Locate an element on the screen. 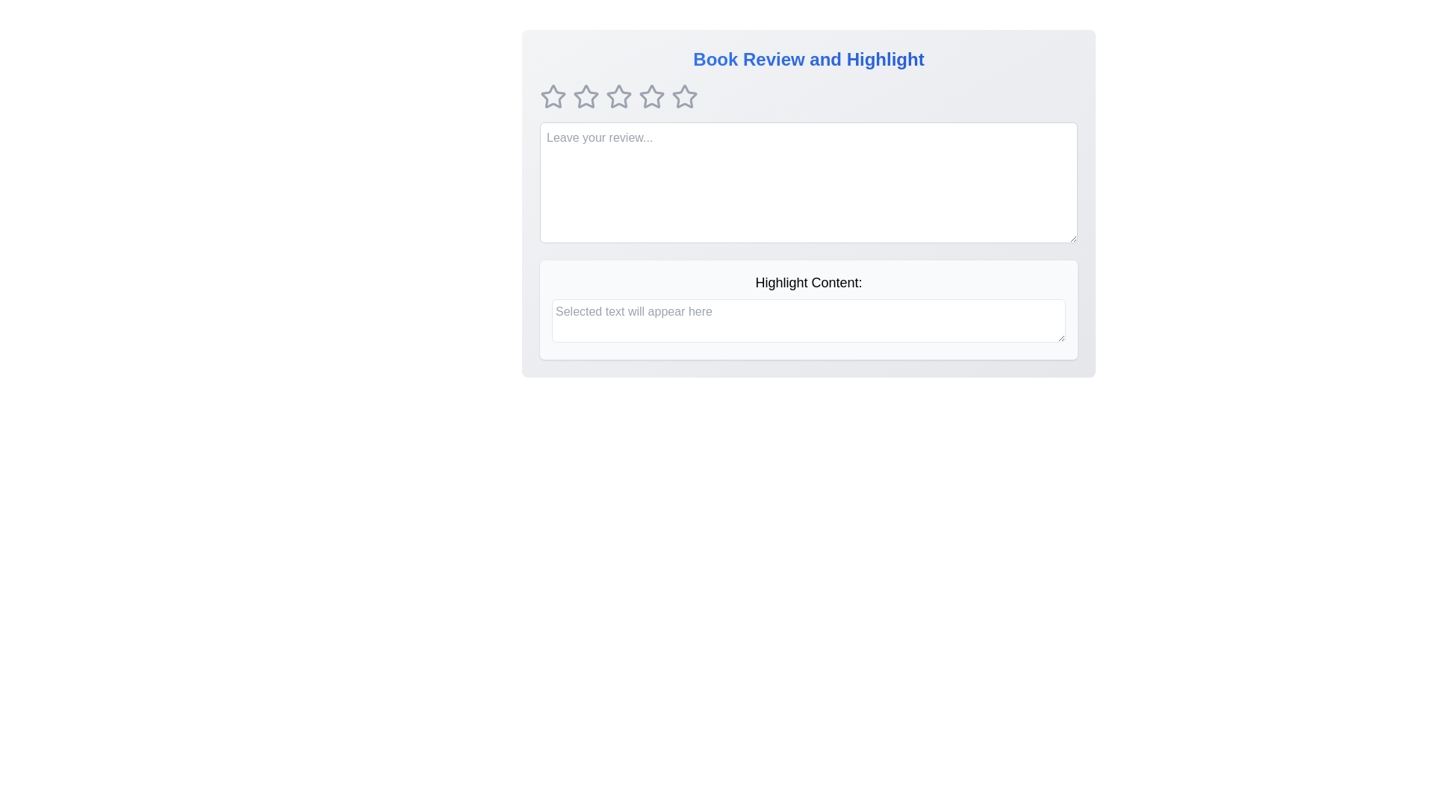  the rating to 4 stars by clicking on the corresponding star icon is located at coordinates (652, 97).